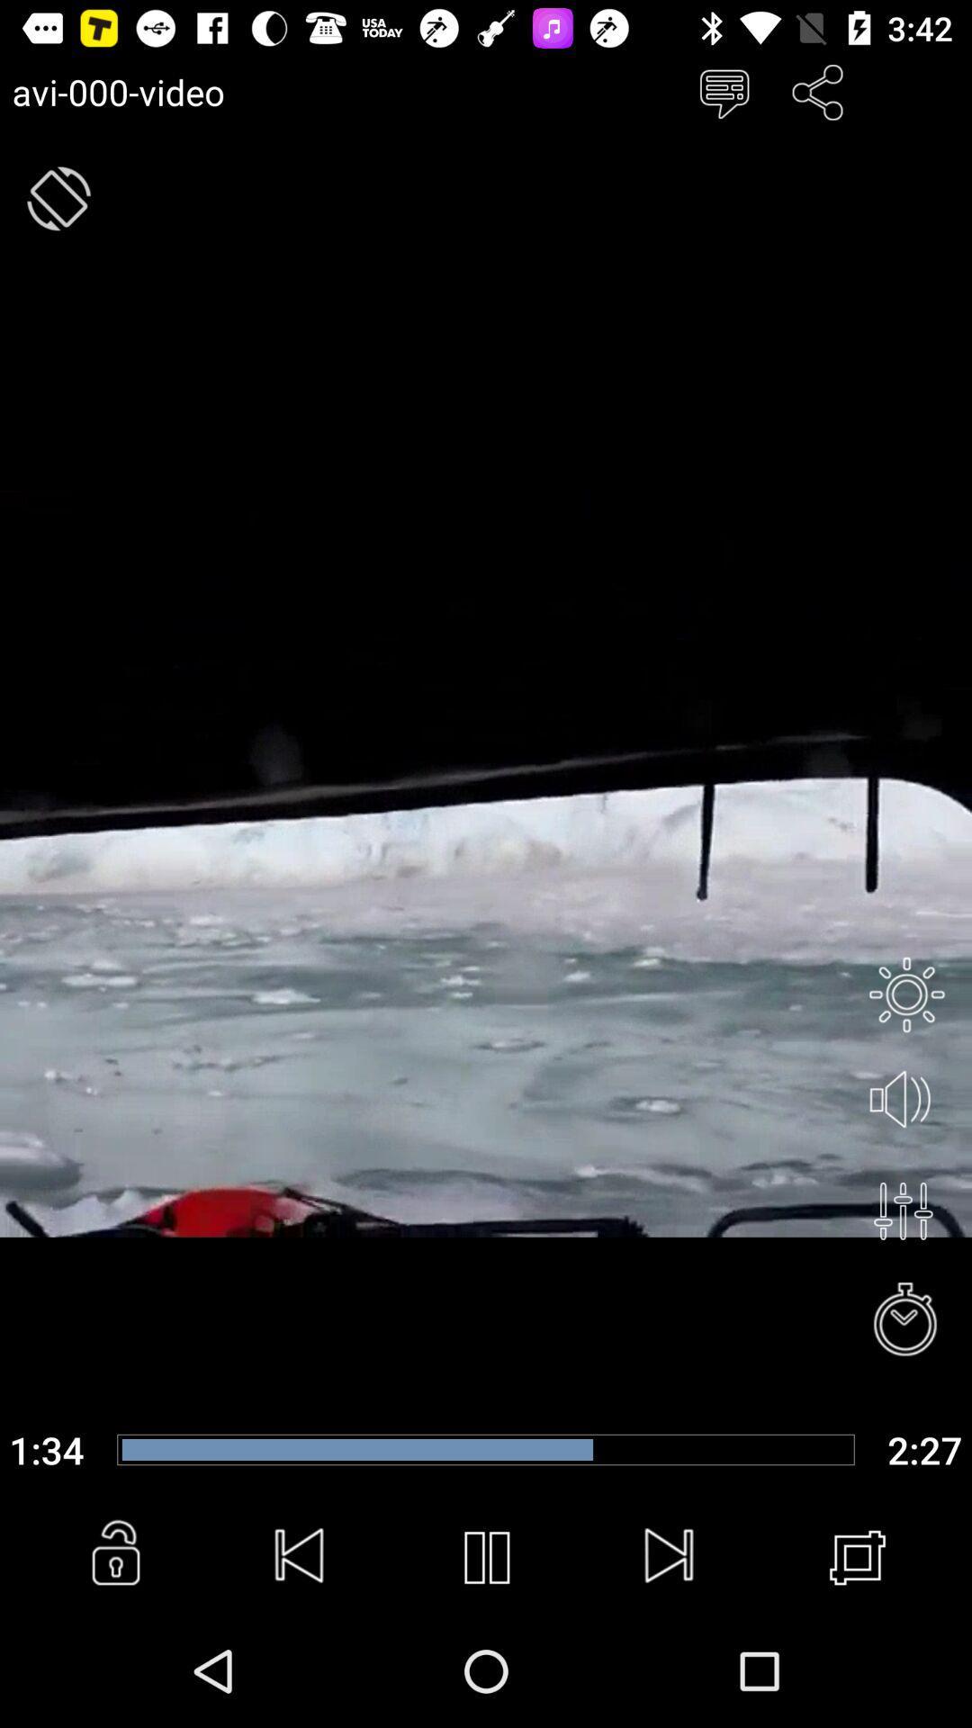 The height and width of the screenshot is (1728, 972). I want to click on button below volume button, so click(903, 1210).